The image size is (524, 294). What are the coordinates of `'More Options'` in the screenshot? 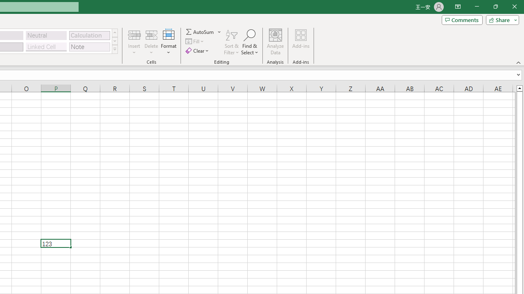 It's located at (219, 31).